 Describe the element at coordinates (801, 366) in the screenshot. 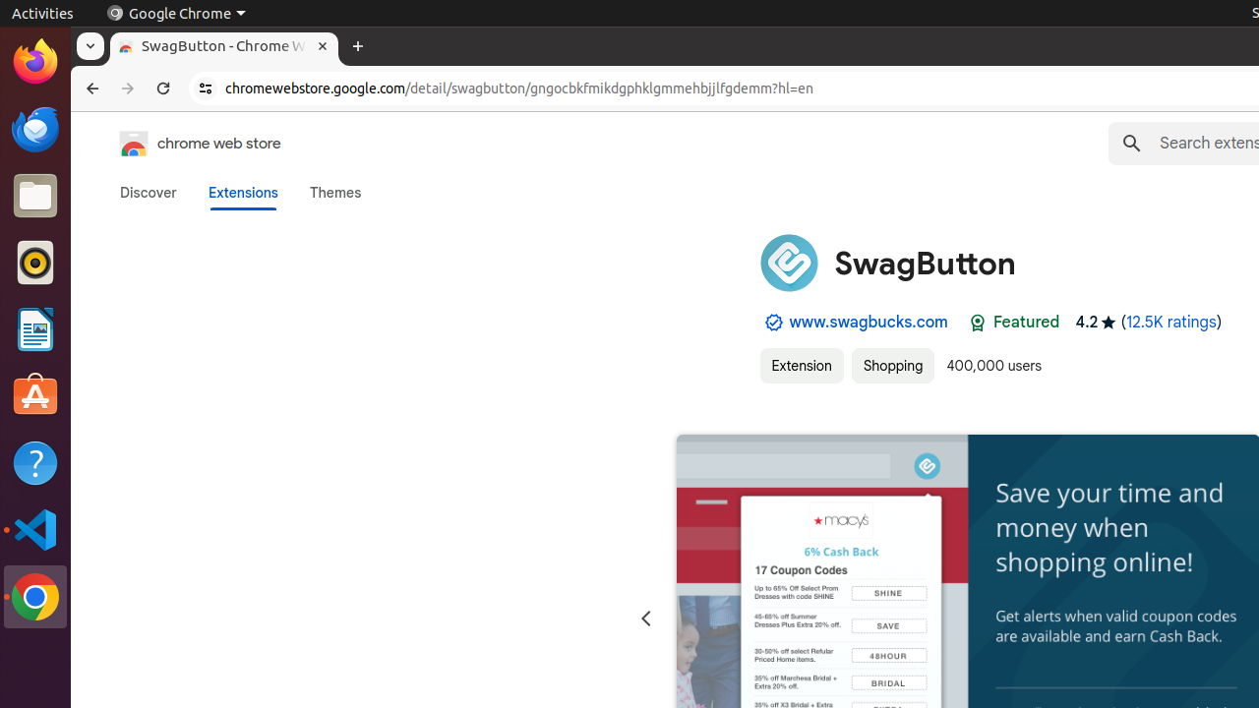

I see `'Extension'` at that location.